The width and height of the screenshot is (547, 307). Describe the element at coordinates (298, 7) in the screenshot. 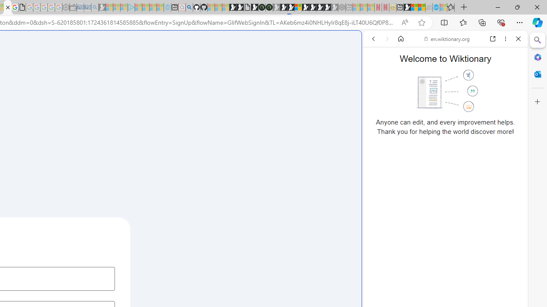

I see `'Sign in to your account'` at that location.